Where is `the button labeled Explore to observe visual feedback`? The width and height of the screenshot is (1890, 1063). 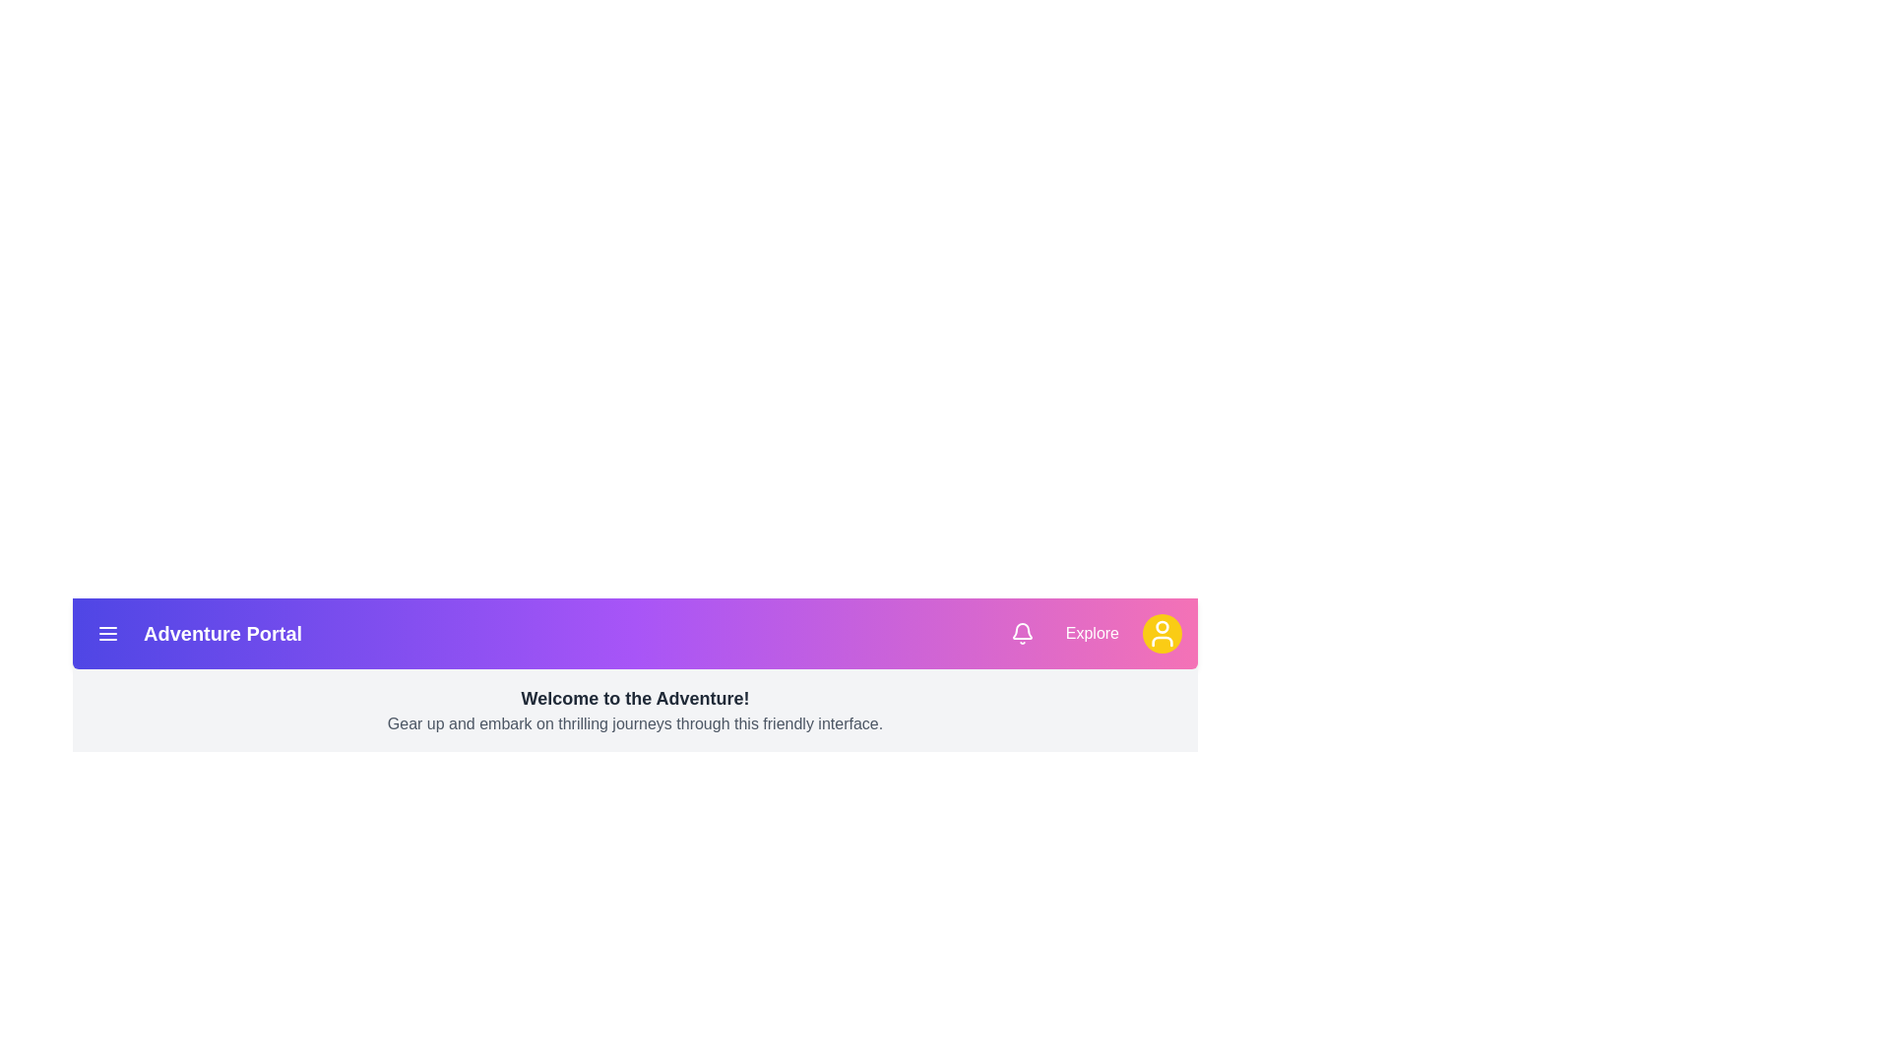
the button labeled Explore to observe visual feedback is located at coordinates (1091, 634).